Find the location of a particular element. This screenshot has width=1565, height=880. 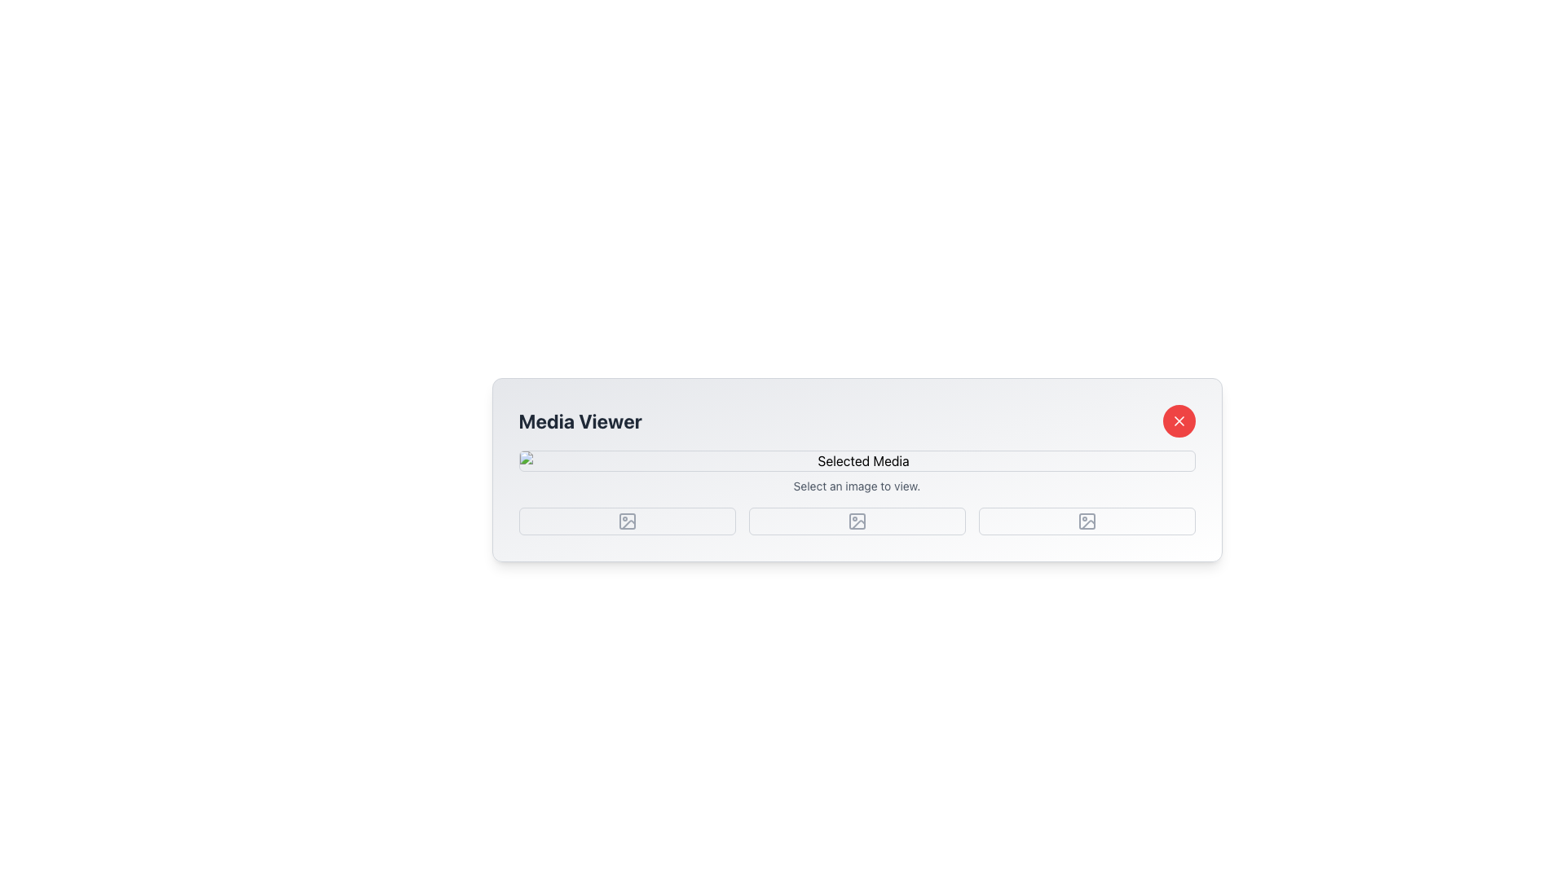

the cancel or close action icon located at the top-right corner of the interface is located at coordinates (1179, 420).